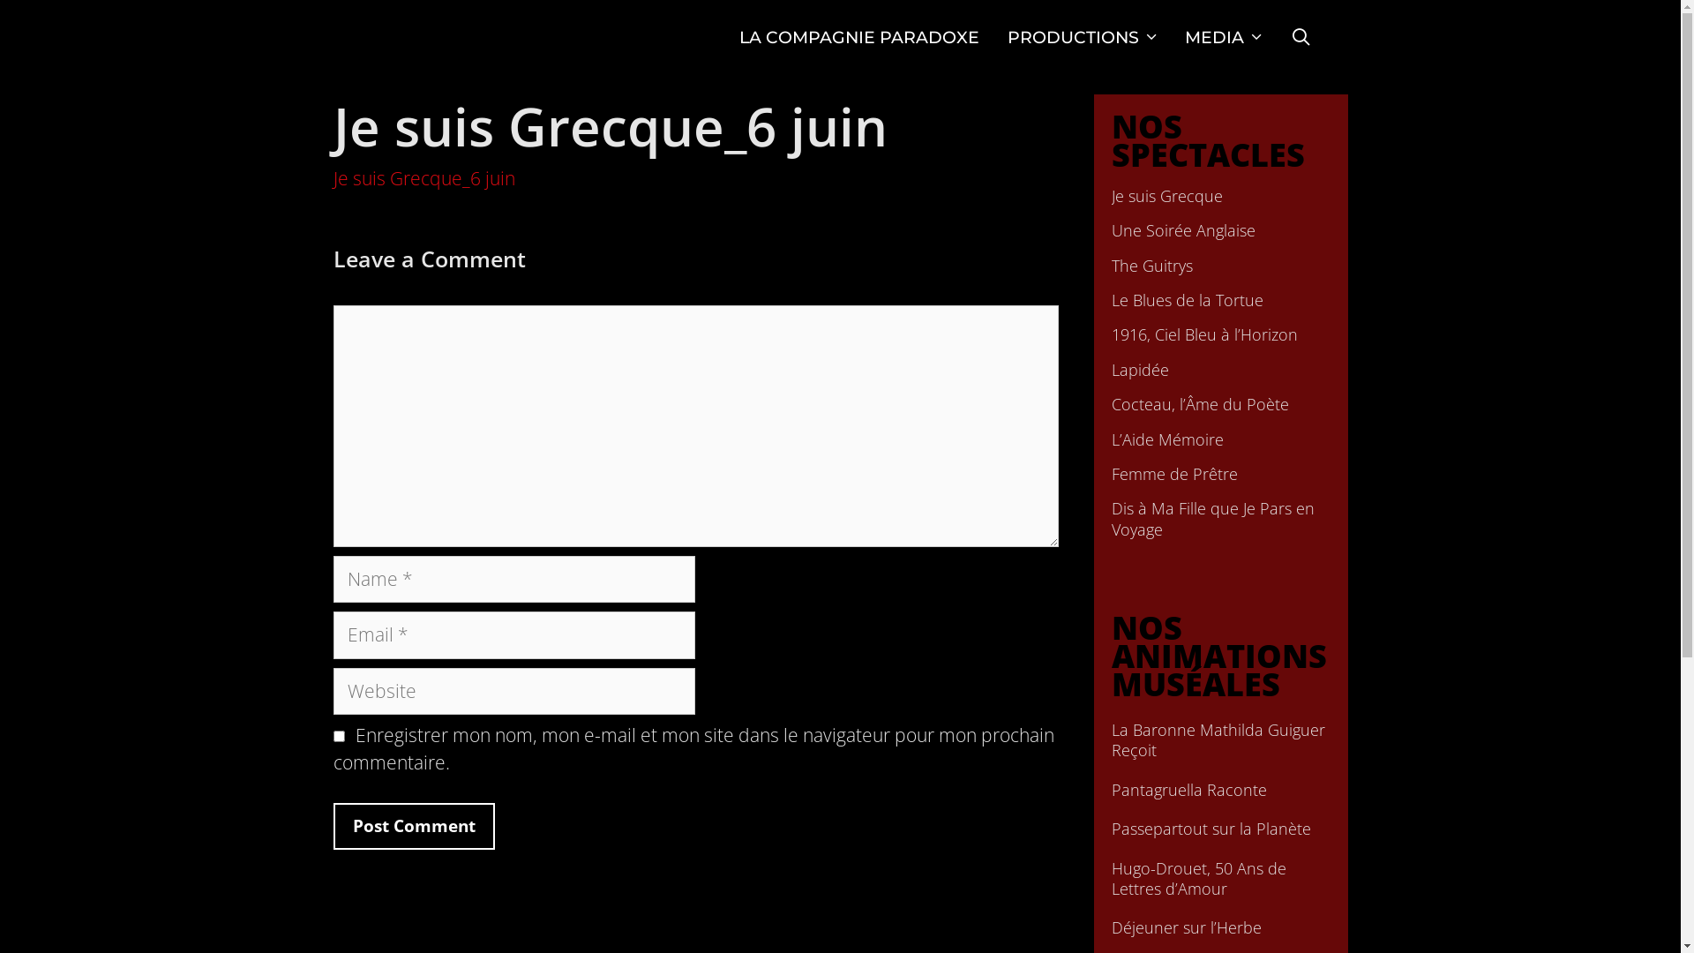  What do you see at coordinates (1300, 37) in the screenshot?
I see `'SEARCH'` at bounding box center [1300, 37].